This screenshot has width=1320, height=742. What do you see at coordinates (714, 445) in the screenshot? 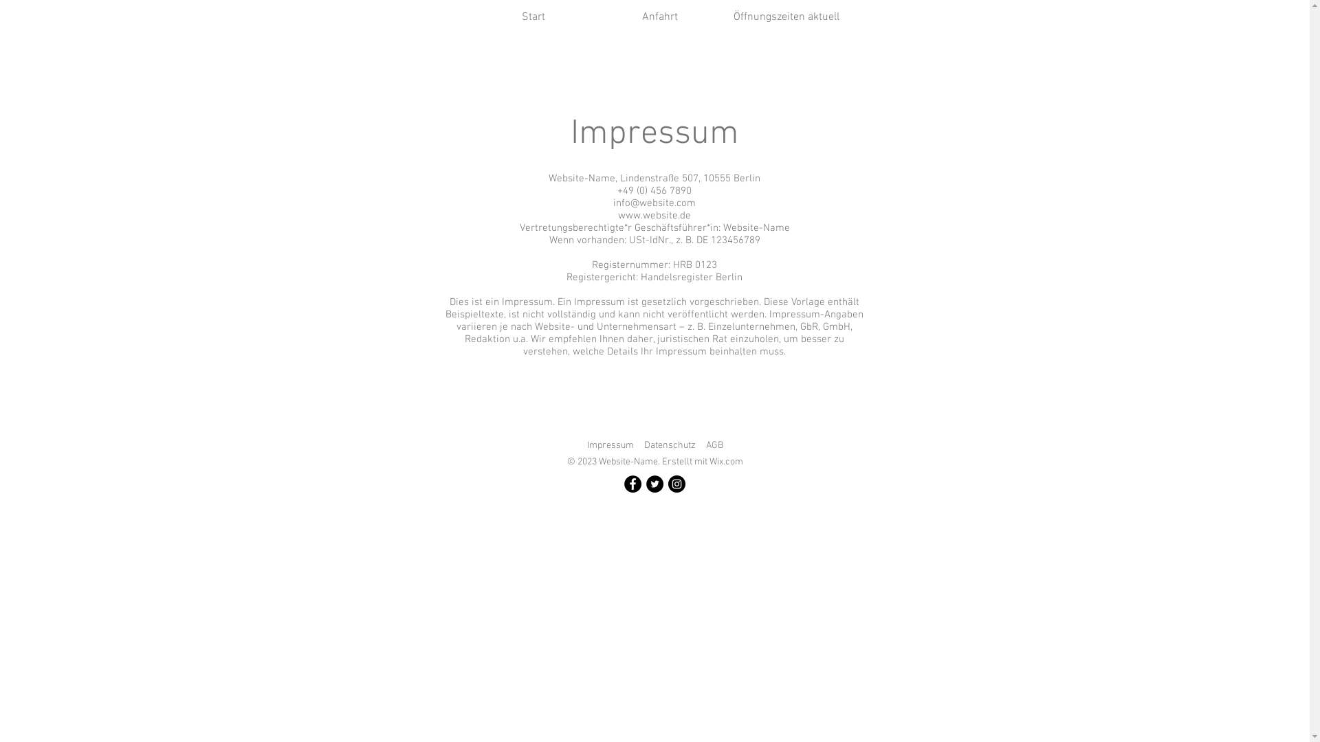
I see `'AGB'` at bounding box center [714, 445].